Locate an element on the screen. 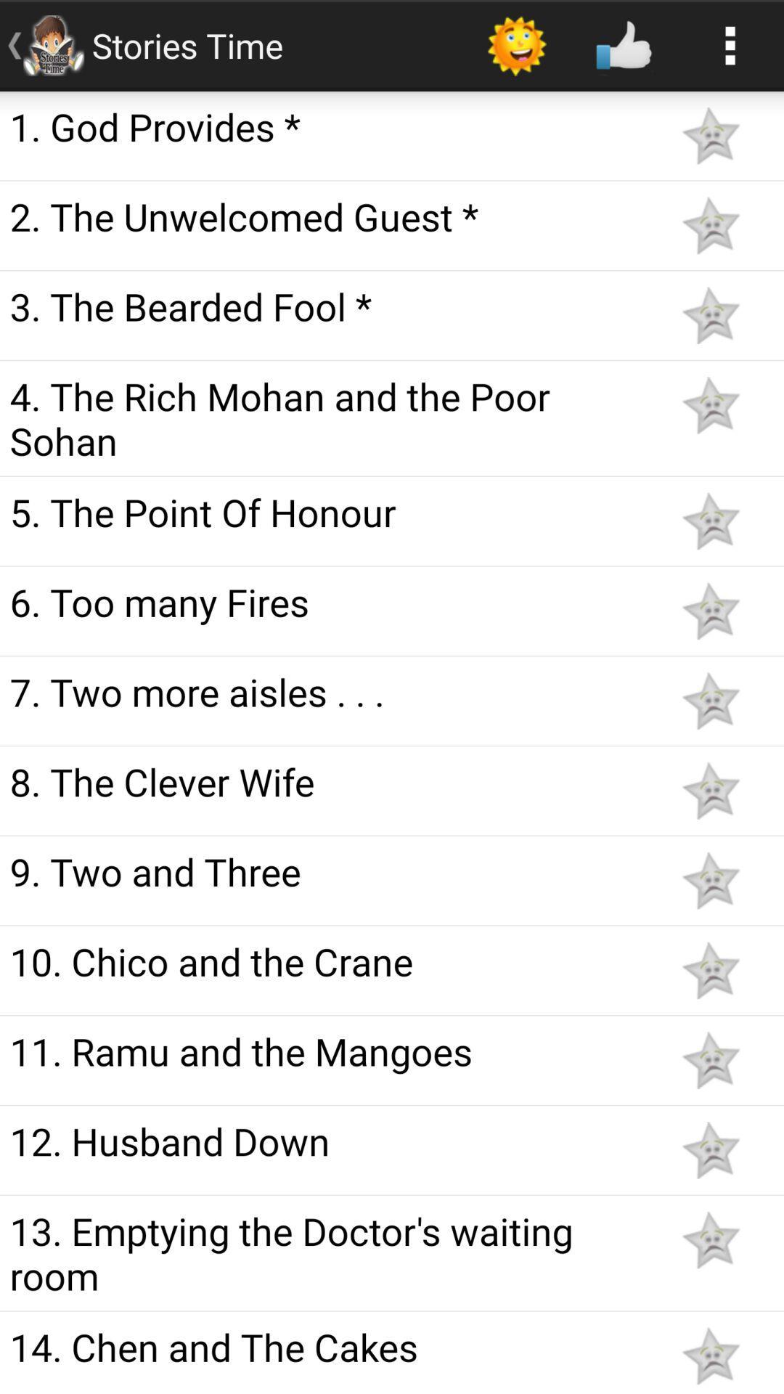 The image size is (784, 1394). as bookmark is located at coordinates (710, 521).